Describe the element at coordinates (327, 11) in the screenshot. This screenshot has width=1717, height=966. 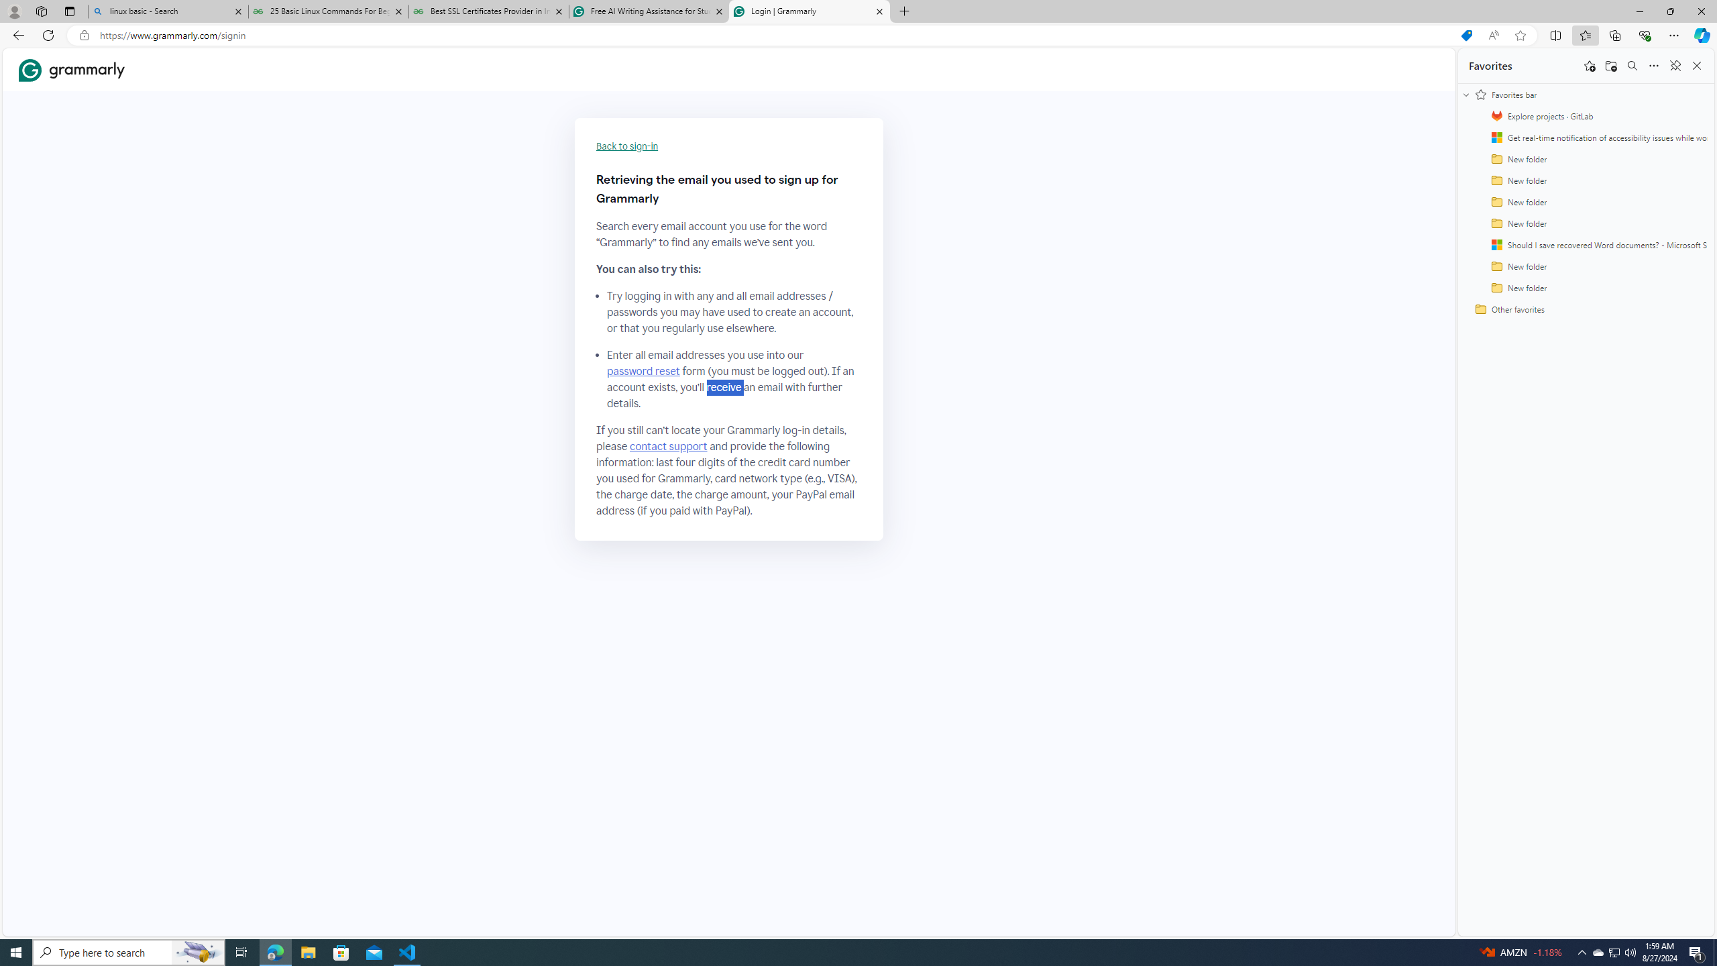
I see `'25 Basic Linux Commands For Beginners - GeeksforGeeks'` at that location.